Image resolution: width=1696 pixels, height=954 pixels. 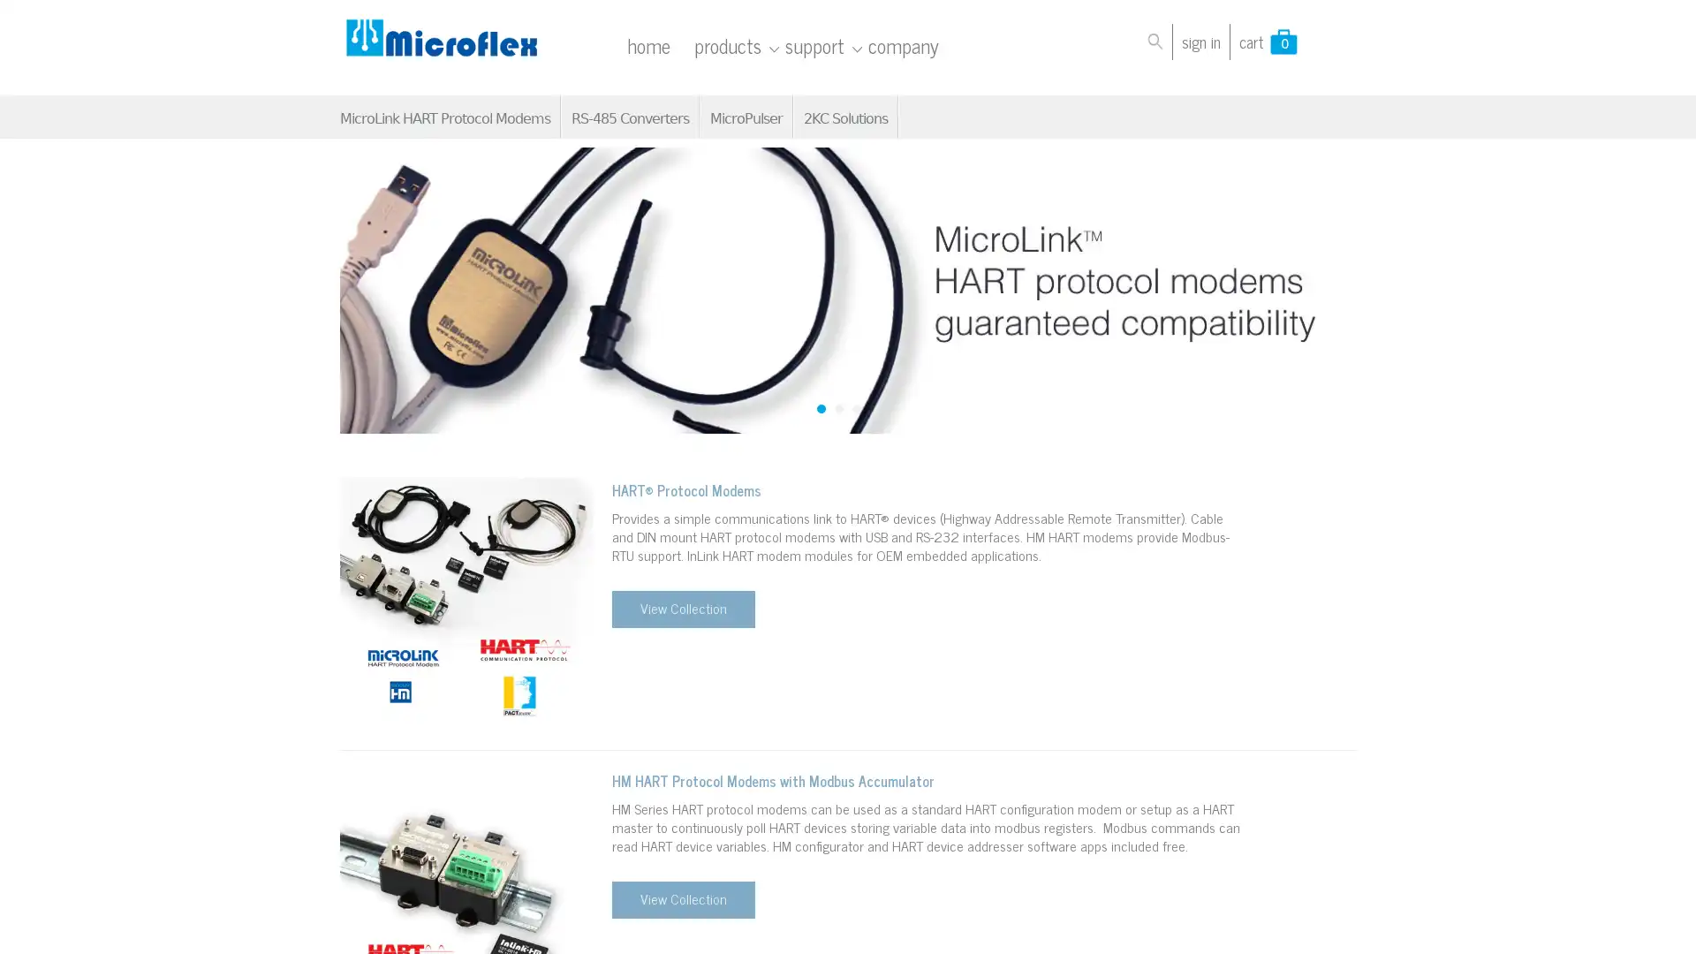 What do you see at coordinates (681, 899) in the screenshot?
I see `View Collection` at bounding box center [681, 899].